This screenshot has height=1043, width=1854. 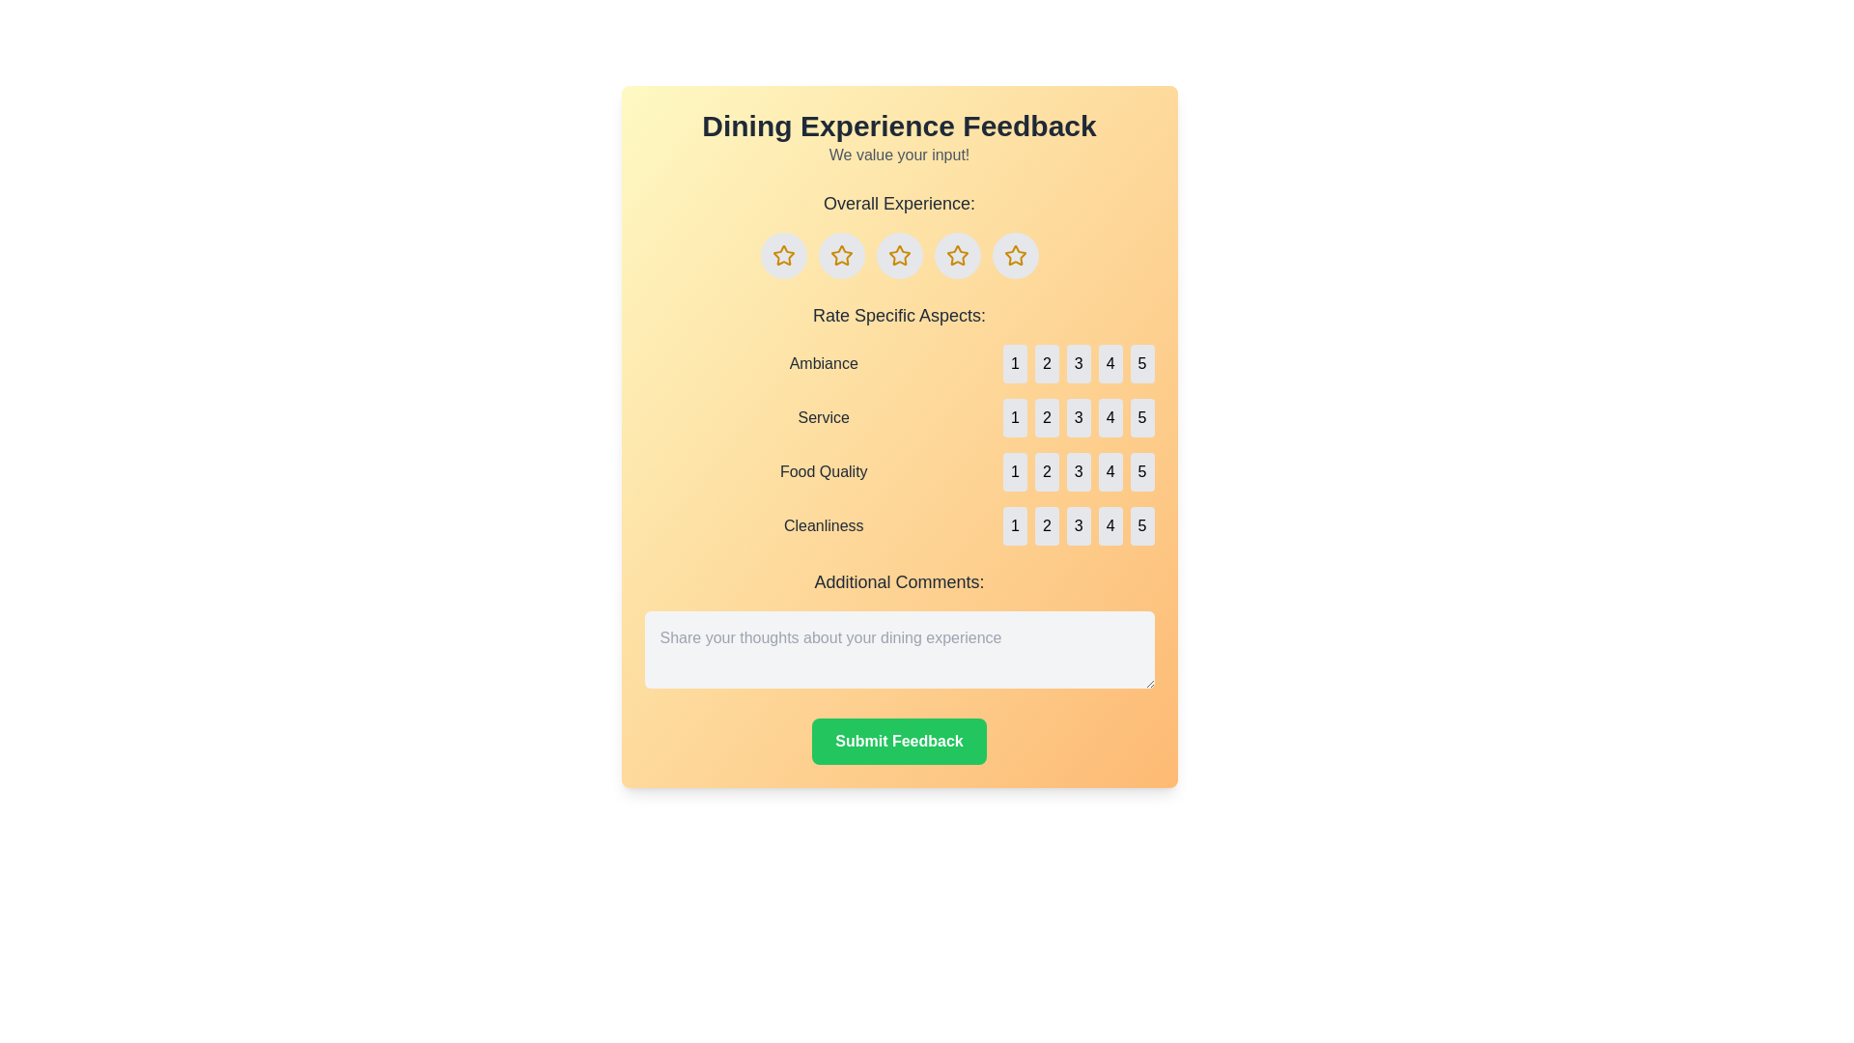 I want to click on the text label displaying 'Overall Experience:' which is styled in bold and serves as a descriptor for the rating stars below it, so click(x=898, y=204).